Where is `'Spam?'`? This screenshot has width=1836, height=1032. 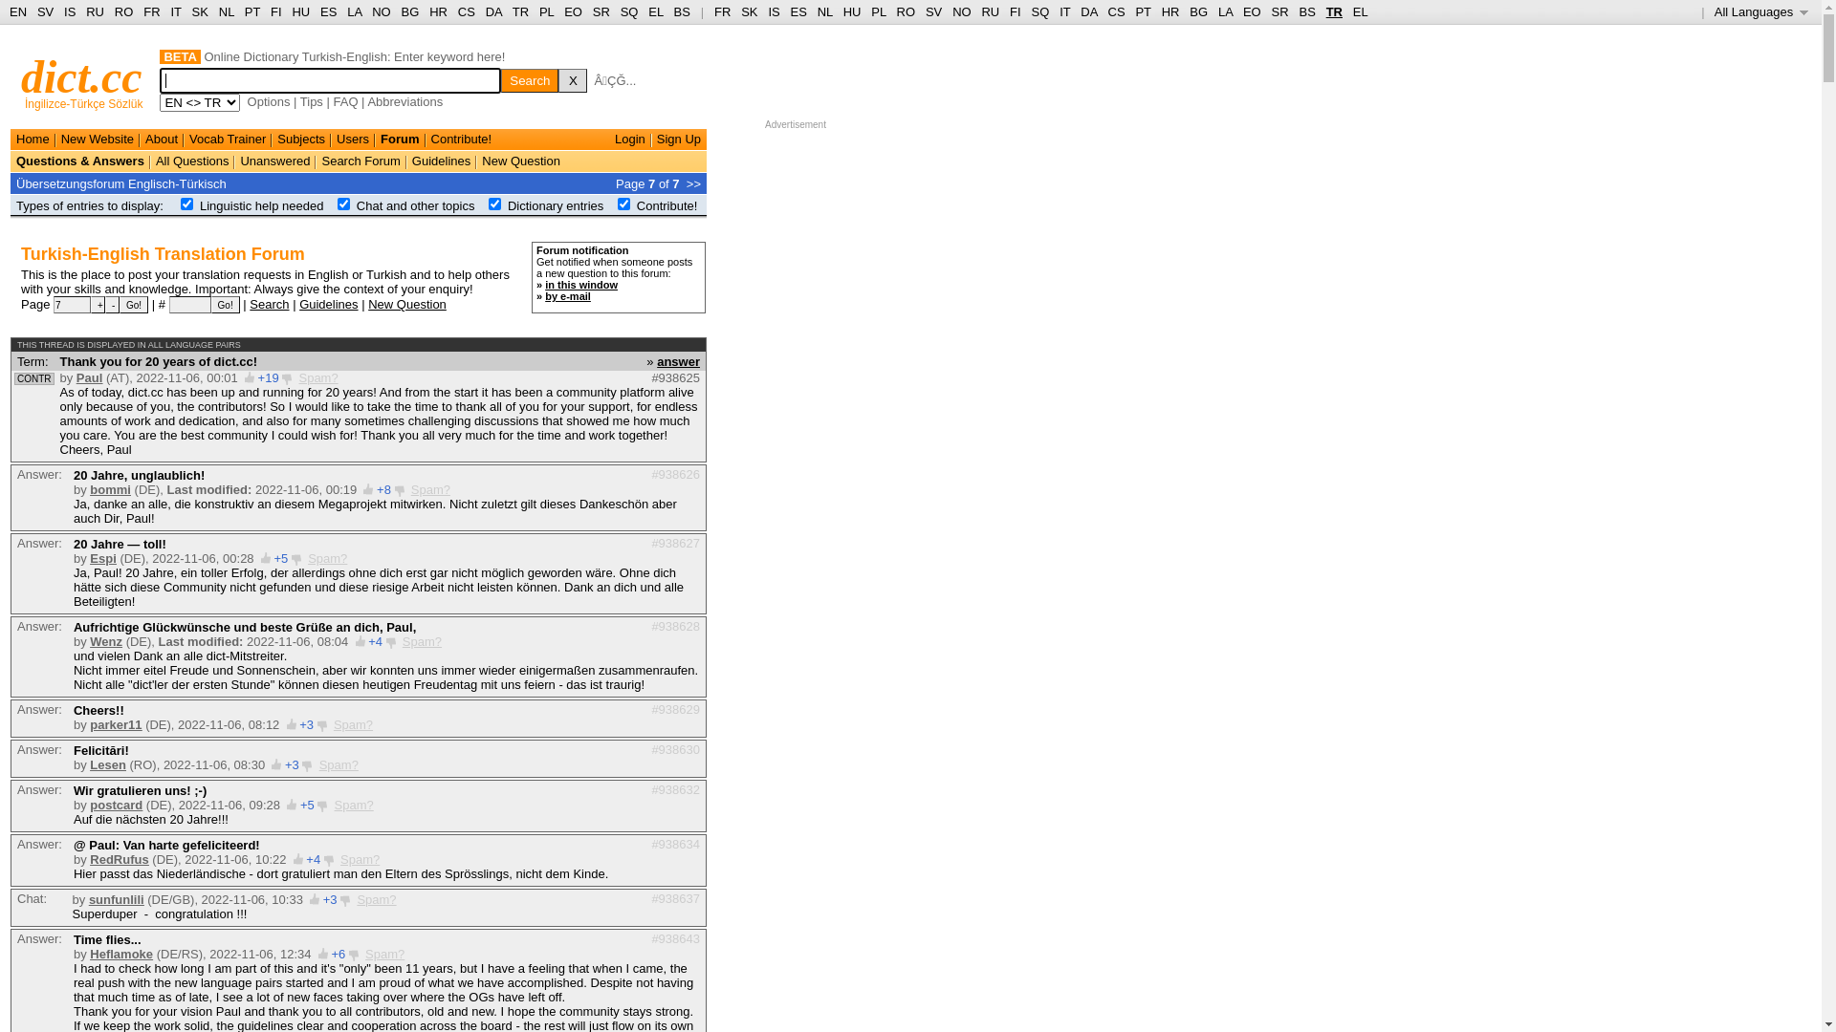
'Spam?' is located at coordinates (353, 724).